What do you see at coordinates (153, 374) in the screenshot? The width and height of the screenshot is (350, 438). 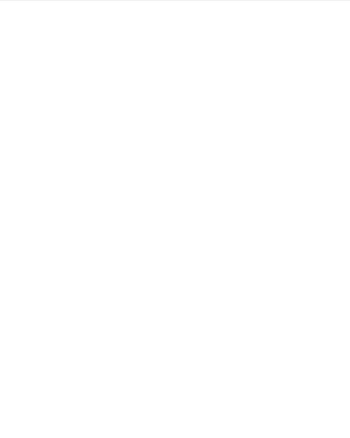 I see `'Landr has introduced an AI Mastering Plug-in for DAWs'` at bounding box center [153, 374].